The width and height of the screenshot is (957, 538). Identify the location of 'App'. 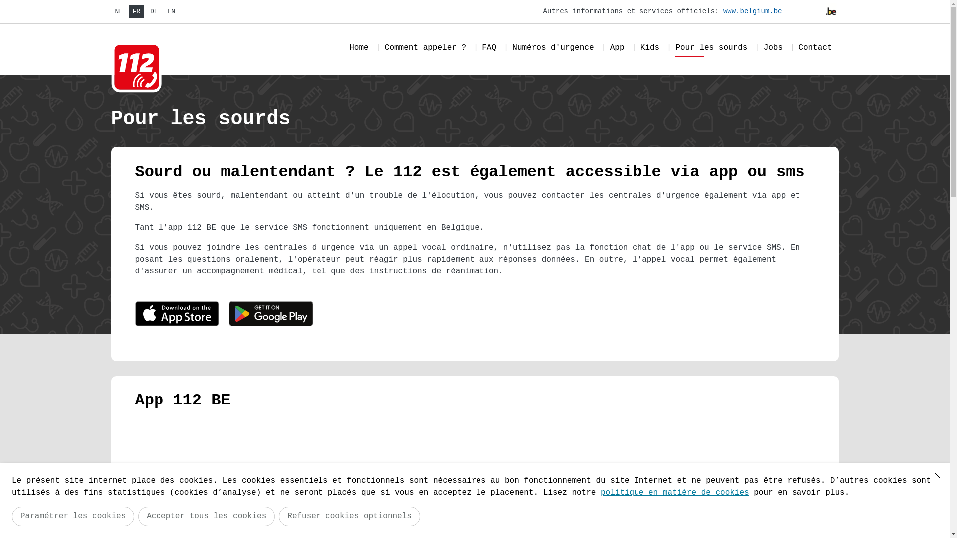
(617, 49).